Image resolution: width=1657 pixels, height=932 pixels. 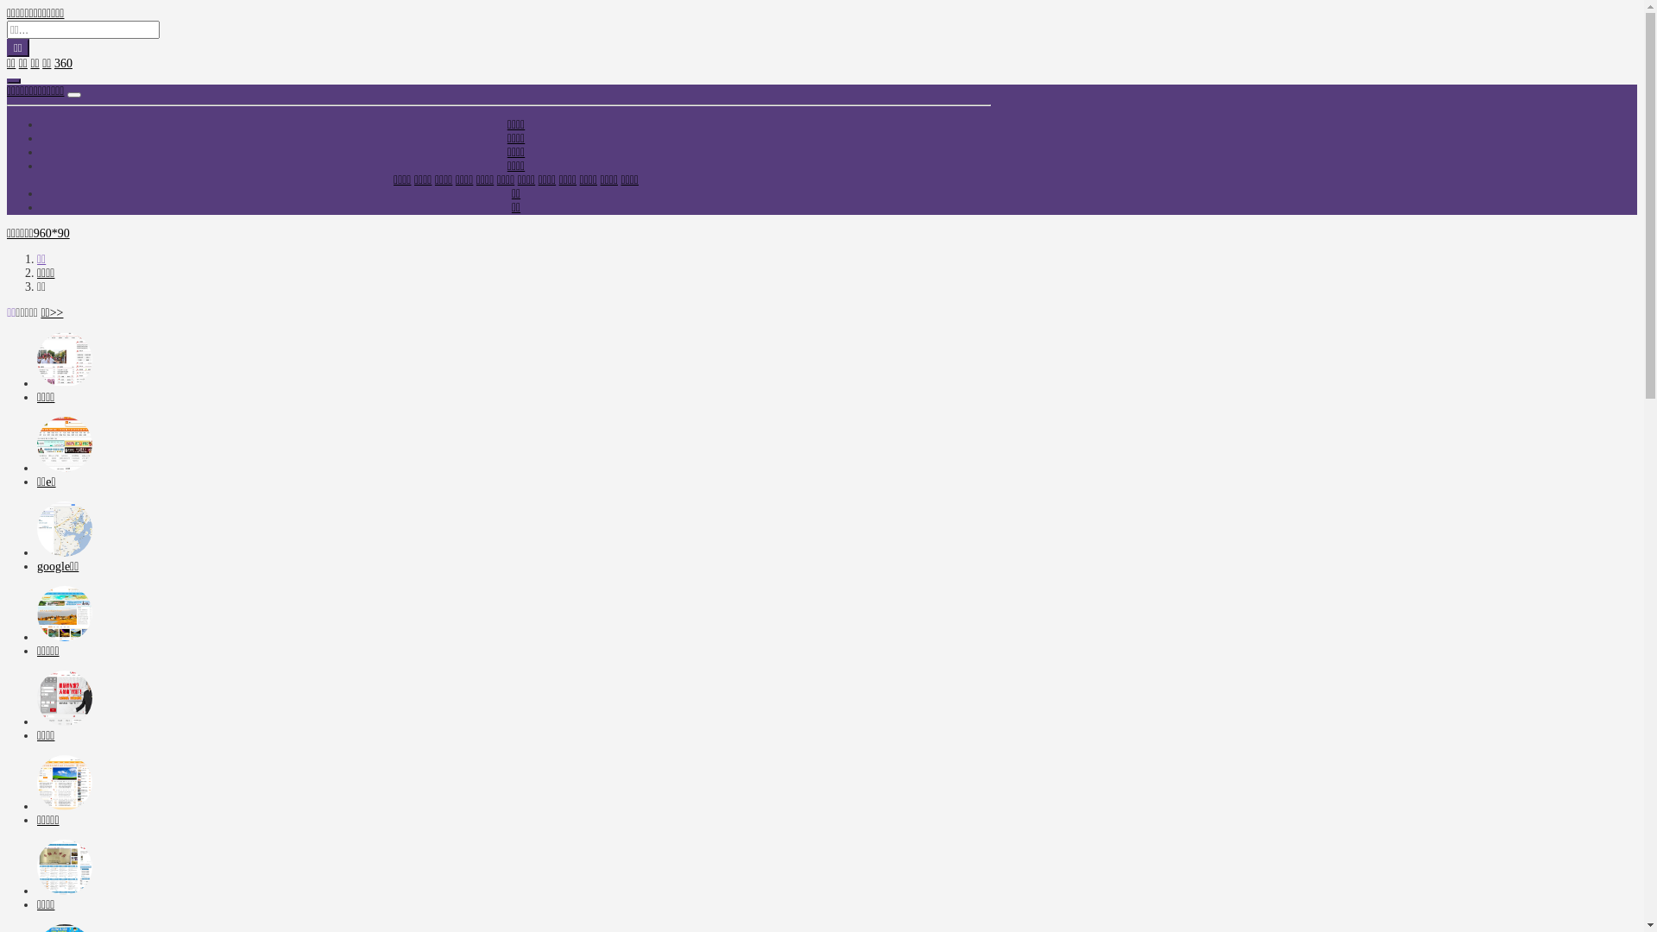 What do you see at coordinates (63, 62) in the screenshot?
I see `'360'` at bounding box center [63, 62].